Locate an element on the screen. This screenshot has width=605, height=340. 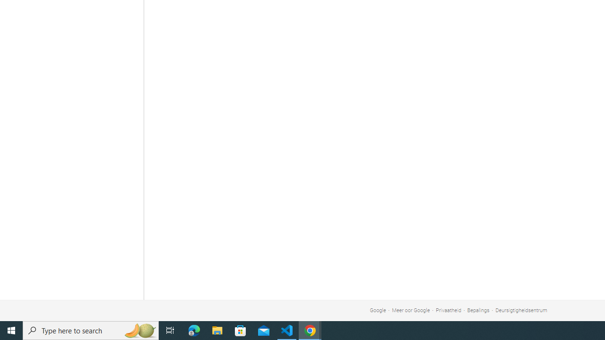
'Bepalings' is located at coordinates (478, 310).